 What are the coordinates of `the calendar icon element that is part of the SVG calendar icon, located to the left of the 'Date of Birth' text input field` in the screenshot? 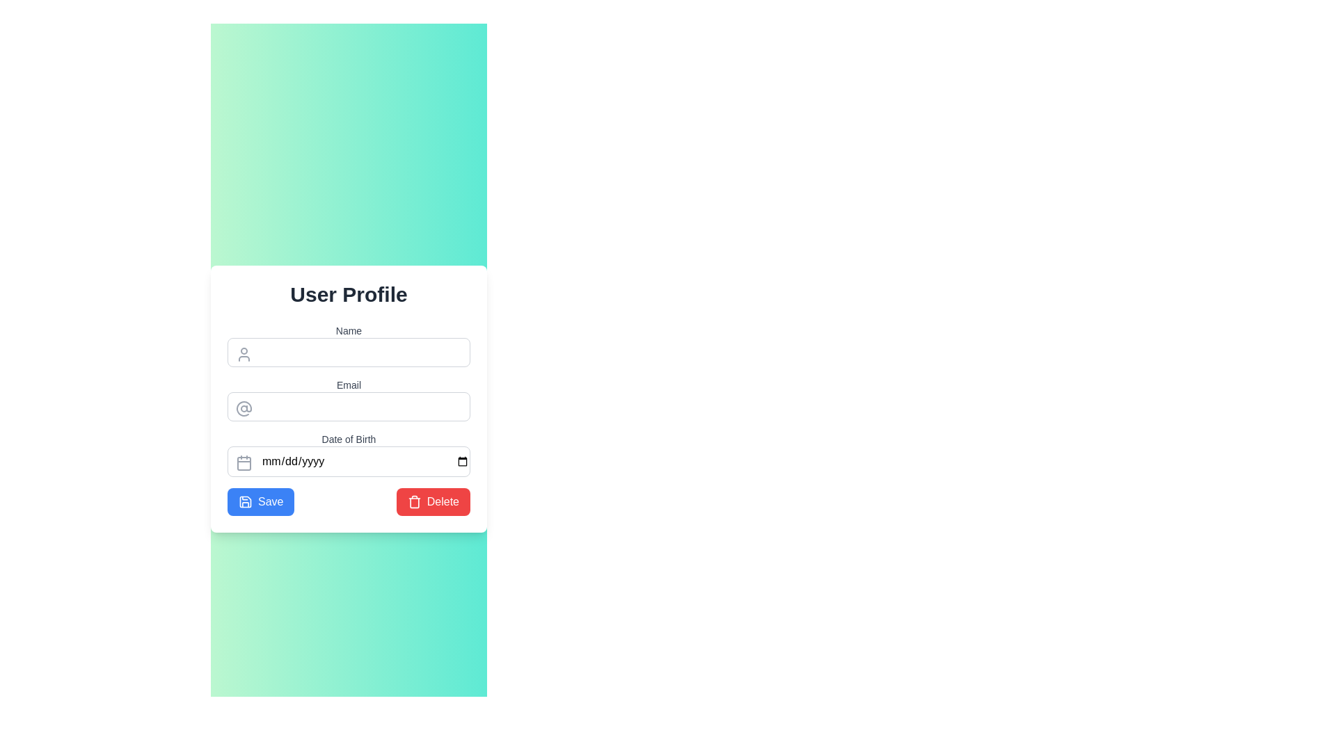 It's located at (244, 464).